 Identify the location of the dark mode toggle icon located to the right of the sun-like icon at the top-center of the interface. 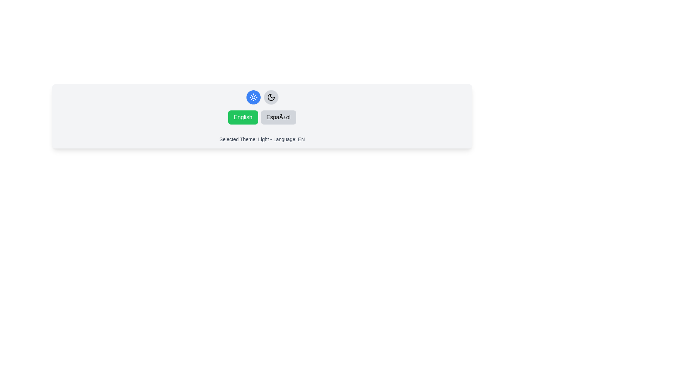
(270, 97).